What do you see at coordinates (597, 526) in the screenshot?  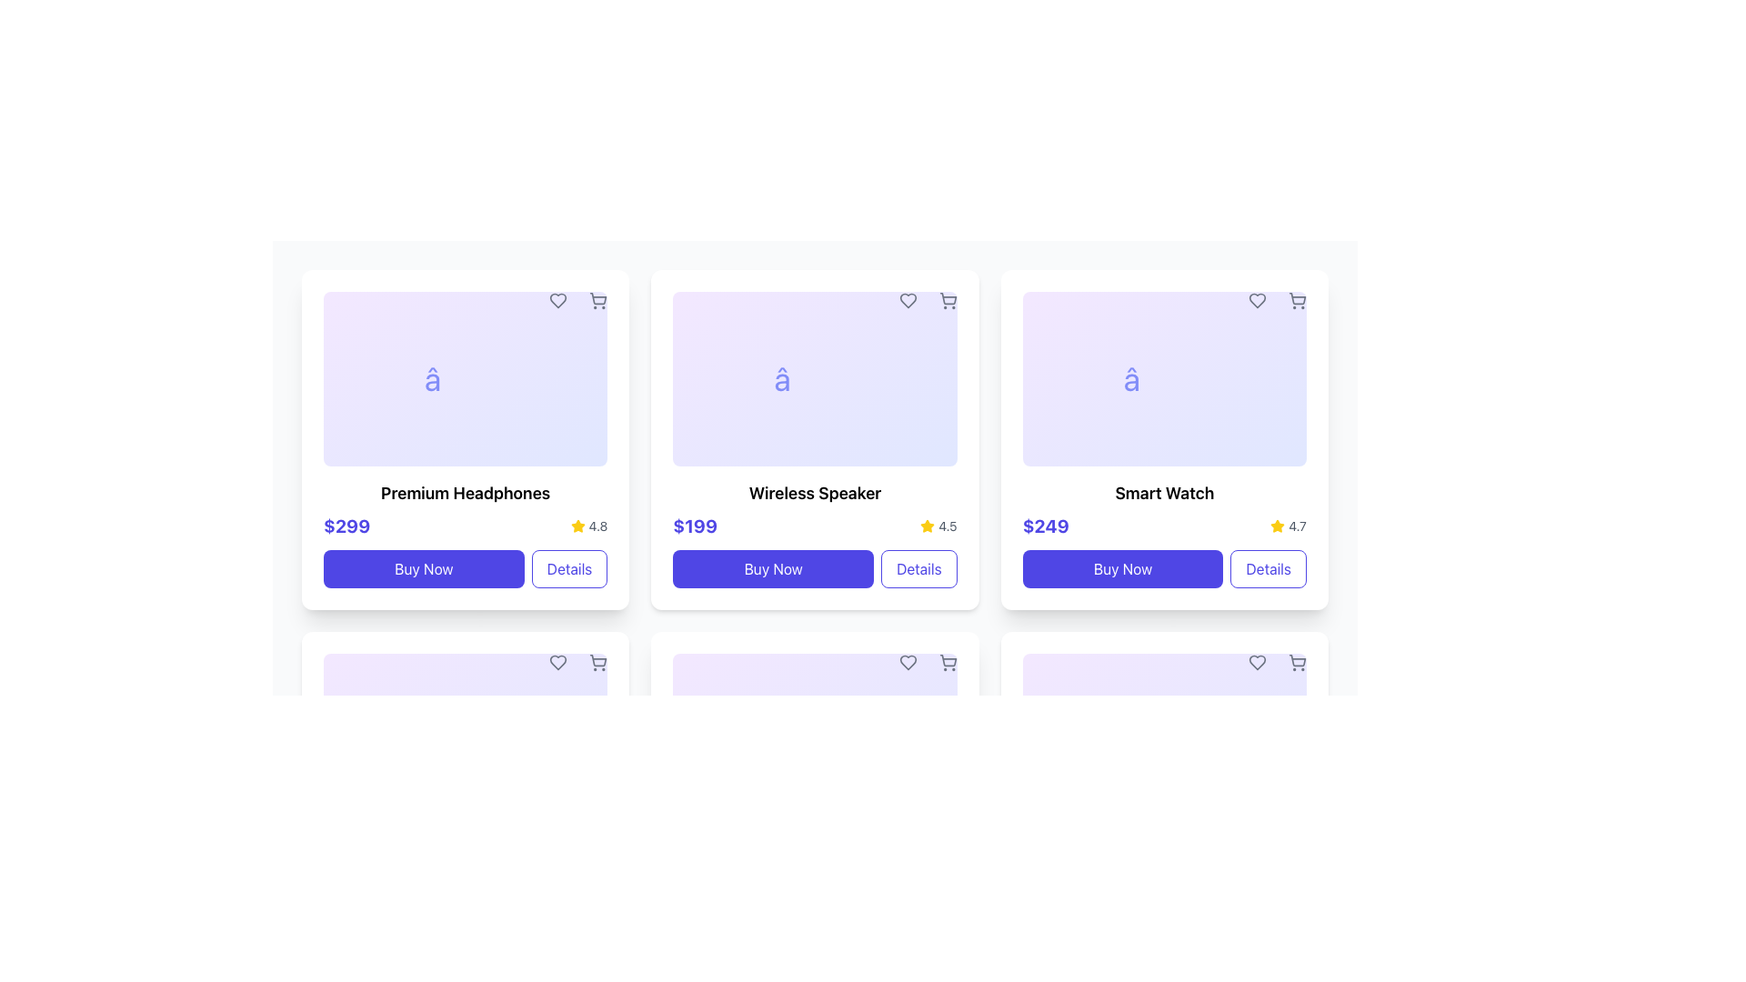 I see `the Text Label that displays the item's rating, positioned in the first card from the left in the first row, to the right of a yellow star icon and below the item's price text` at bounding box center [597, 526].